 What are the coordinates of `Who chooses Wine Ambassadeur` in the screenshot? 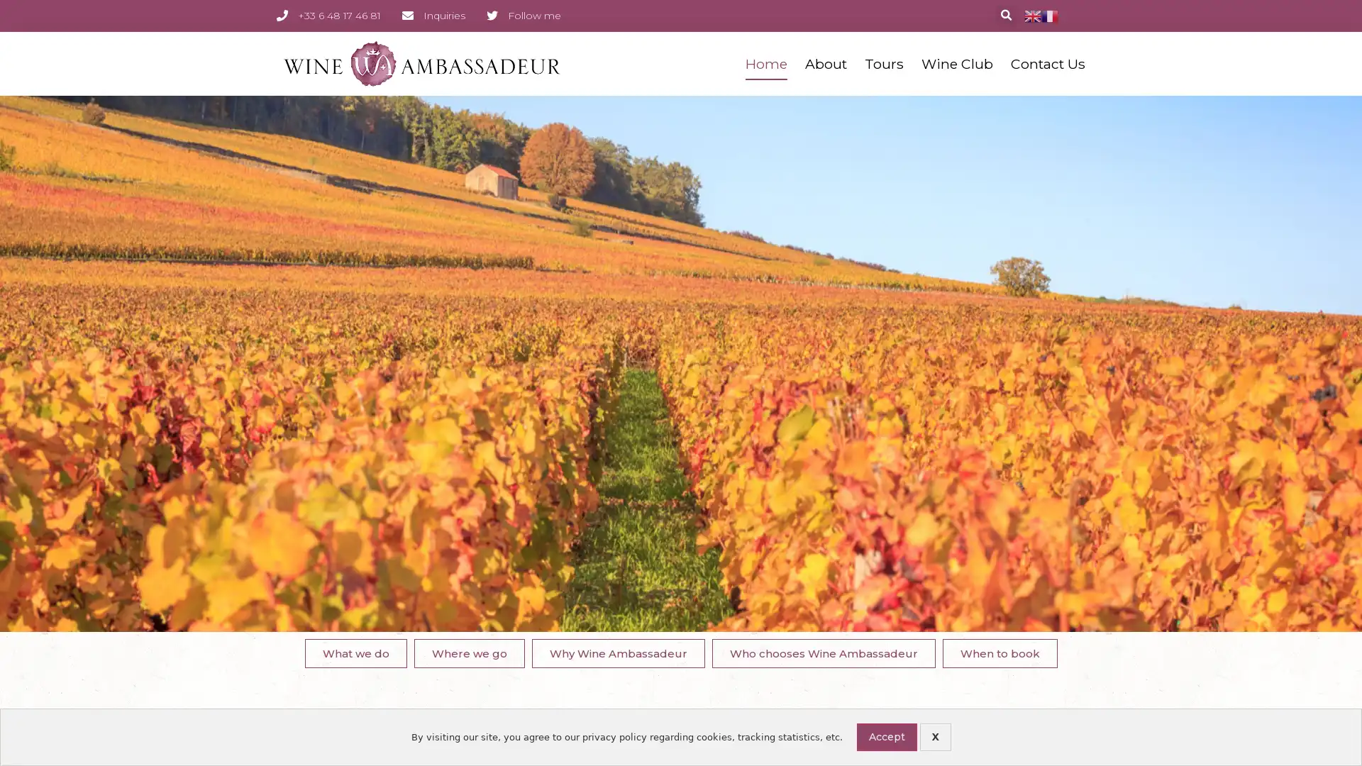 It's located at (823, 653).